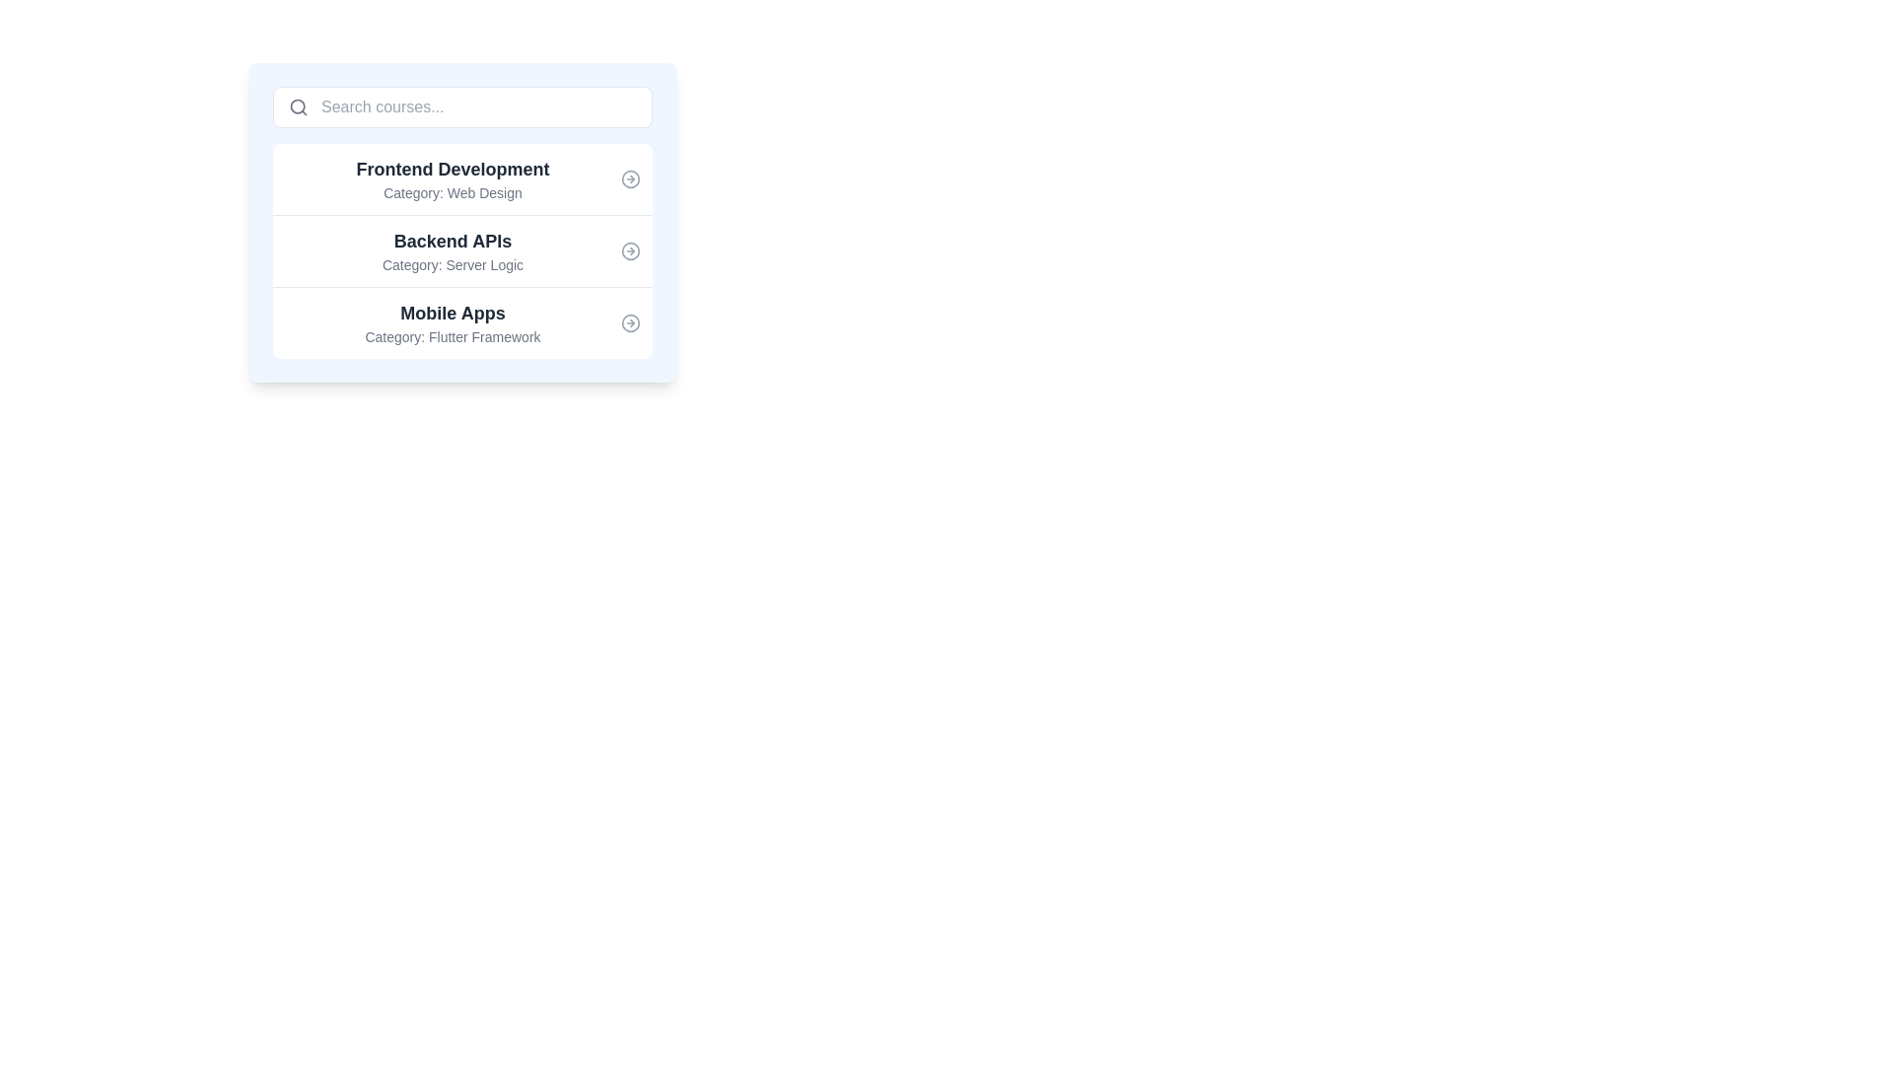 The image size is (1893, 1065). I want to click on the SVG Circle located in the top row of the list interface, adjacent to the right side of the 'Frontend Development' text, so click(629, 178).